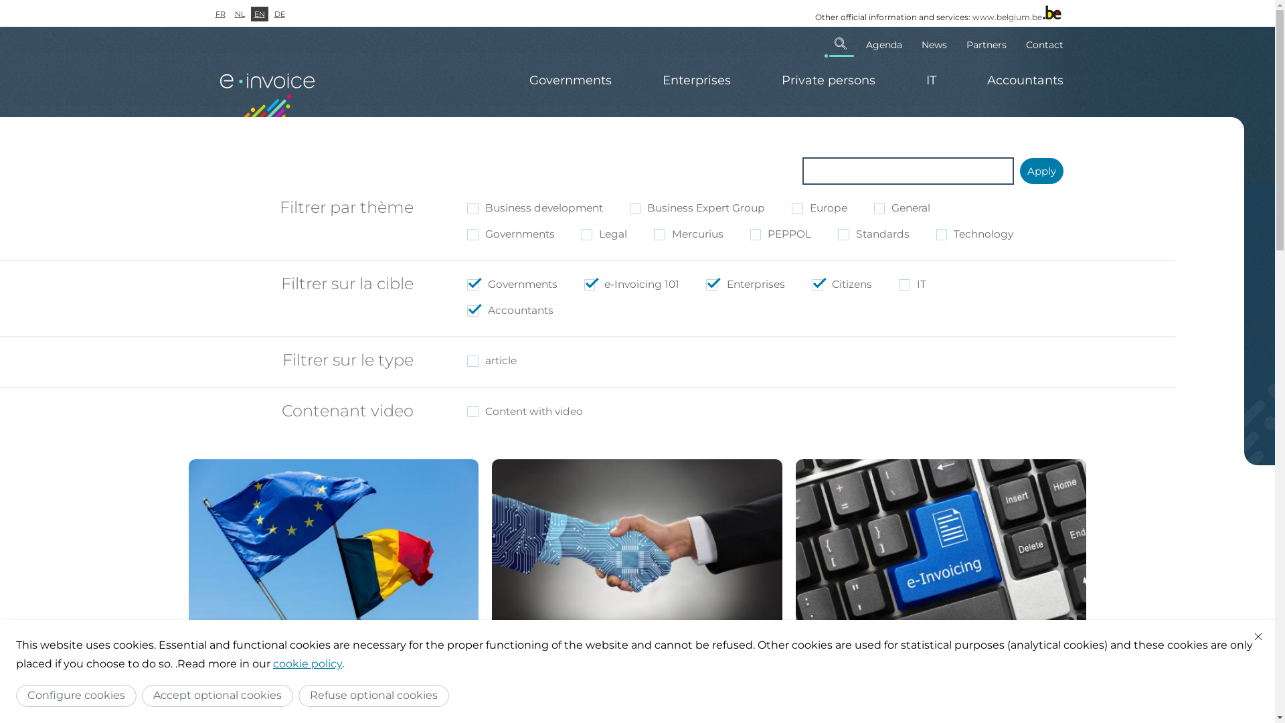 The height and width of the screenshot is (723, 1285). Describe the element at coordinates (570, 80) in the screenshot. I see `'Governments'` at that location.